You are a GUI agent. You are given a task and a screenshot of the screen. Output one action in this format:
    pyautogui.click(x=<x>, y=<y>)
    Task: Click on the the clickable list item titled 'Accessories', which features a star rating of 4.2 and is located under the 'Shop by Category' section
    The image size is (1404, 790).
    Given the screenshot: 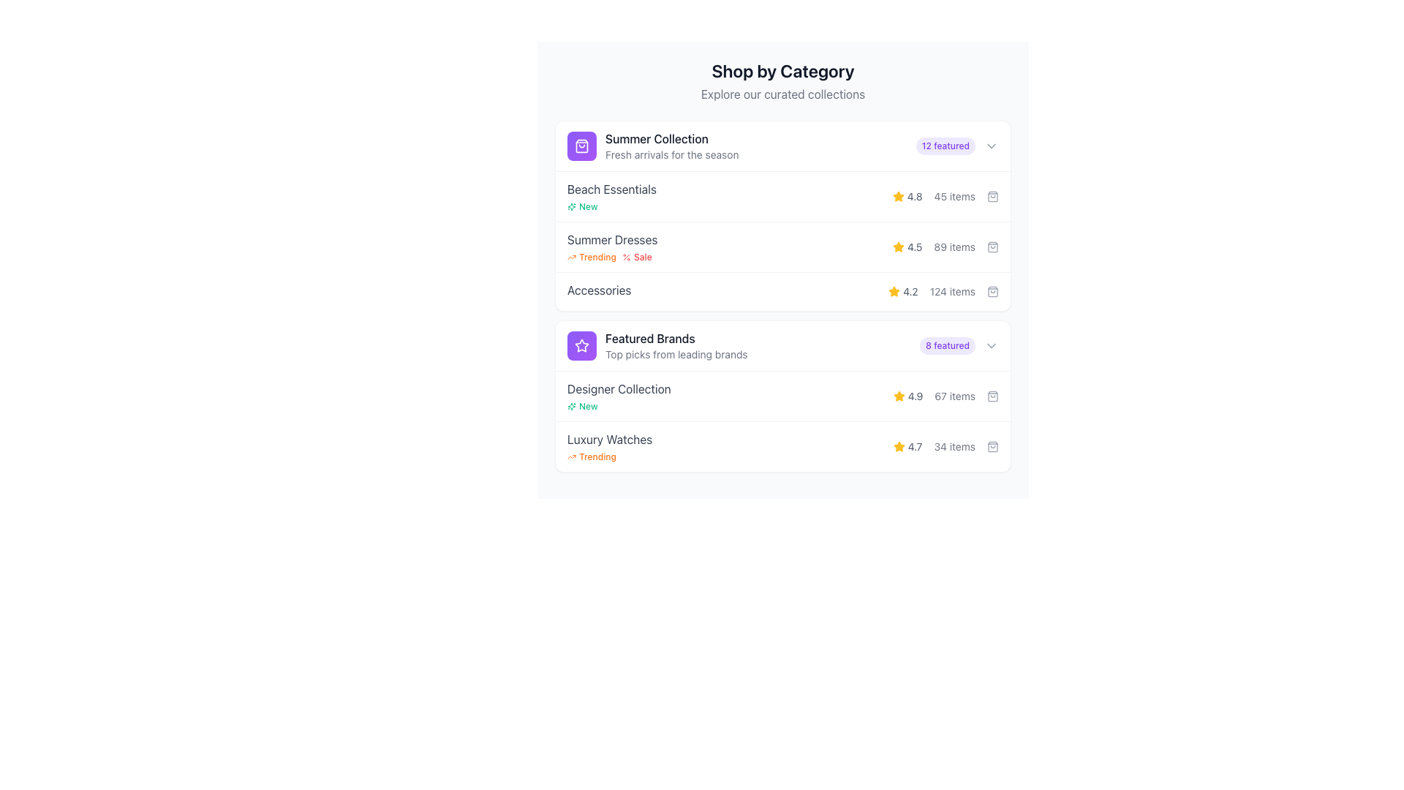 What is the action you would take?
    pyautogui.click(x=782, y=291)
    